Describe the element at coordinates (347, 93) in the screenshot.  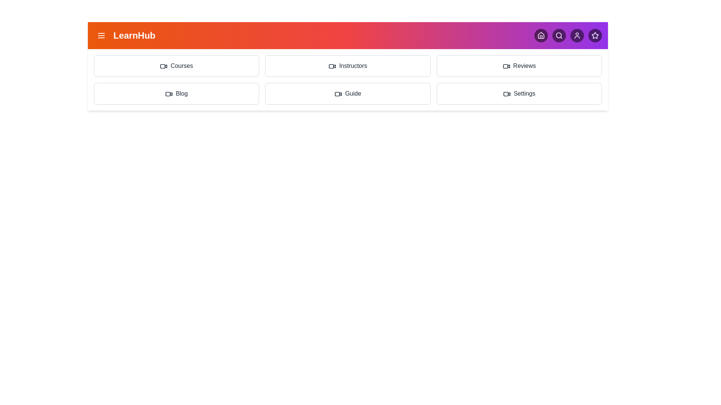
I see `the menu item Guide` at that location.